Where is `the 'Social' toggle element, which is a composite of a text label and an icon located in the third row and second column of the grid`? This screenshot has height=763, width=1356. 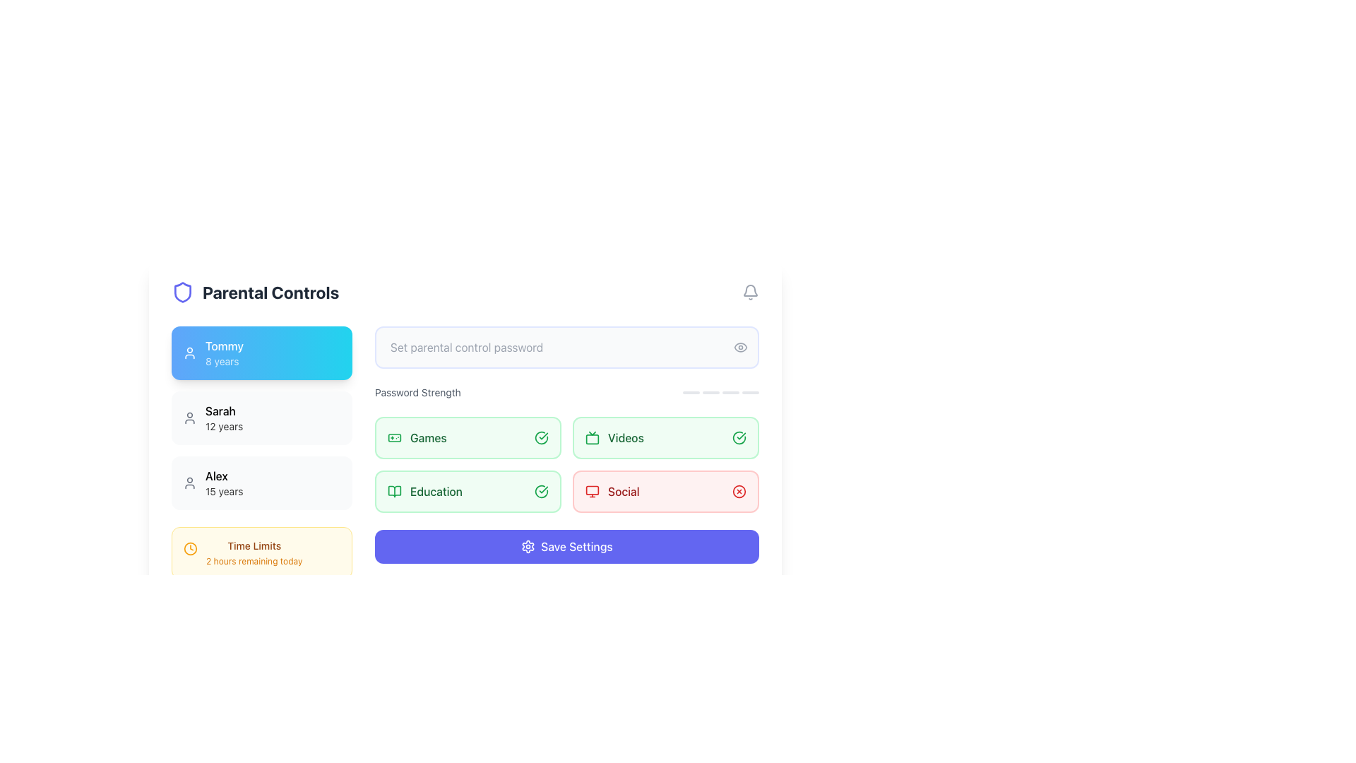 the 'Social' toggle element, which is a composite of a text label and an icon located in the third row and second column of the grid is located at coordinates (612, 490).